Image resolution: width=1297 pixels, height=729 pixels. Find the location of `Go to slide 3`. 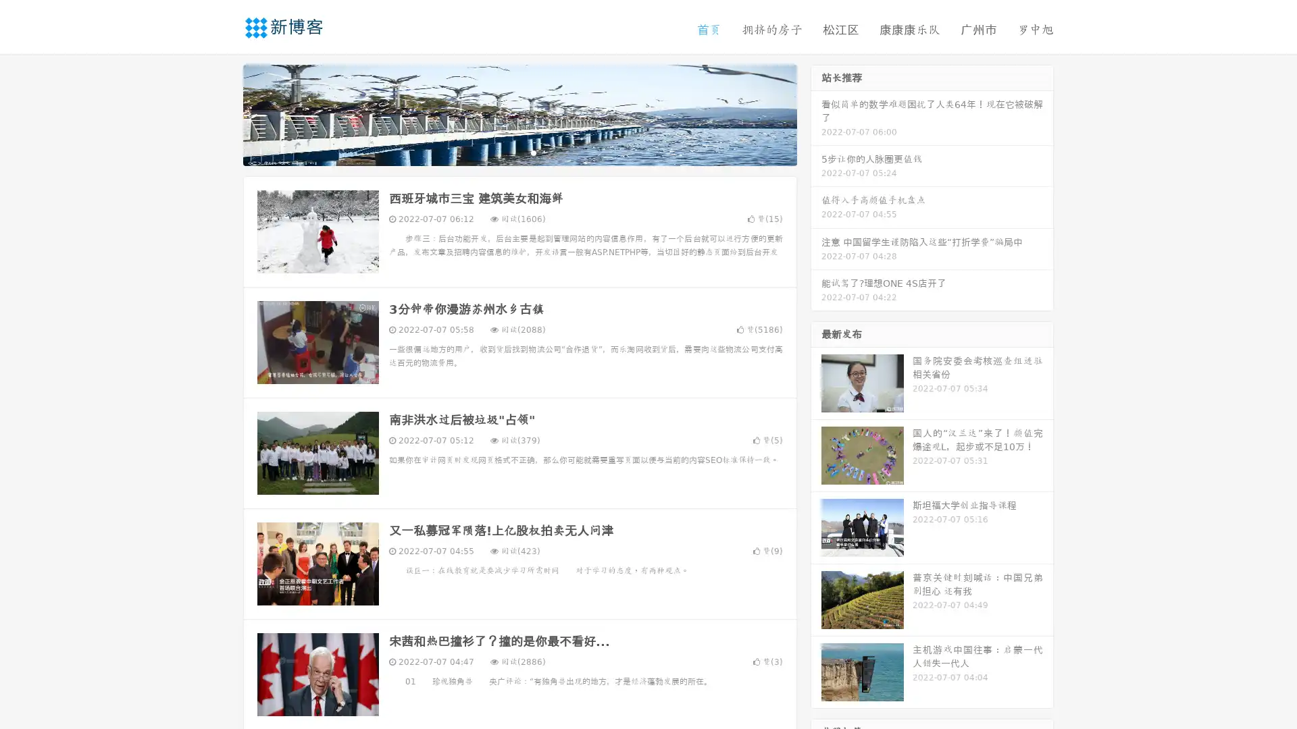

Go to slide 3 is located at coordinates (533, 152).